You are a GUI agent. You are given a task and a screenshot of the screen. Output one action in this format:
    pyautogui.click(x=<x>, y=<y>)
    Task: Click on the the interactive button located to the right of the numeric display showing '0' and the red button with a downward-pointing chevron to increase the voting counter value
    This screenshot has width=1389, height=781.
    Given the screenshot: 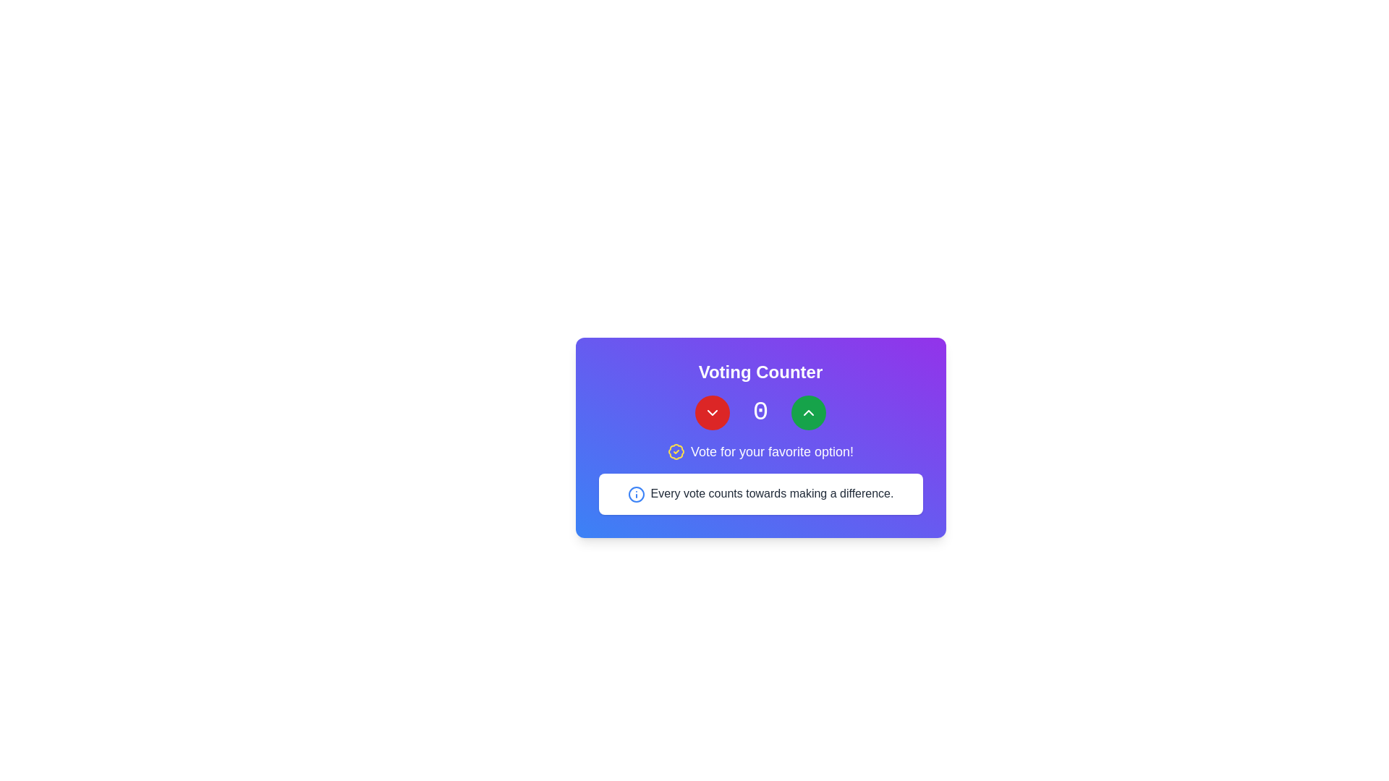 What is the action you would take?
    pyautogui.click(x=808, y=412)
    